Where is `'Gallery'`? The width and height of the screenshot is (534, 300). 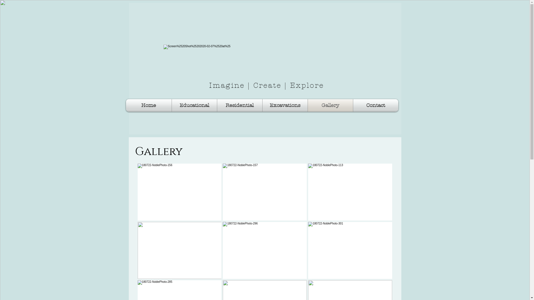 'Gallery' is located at coordinates (330, 105).